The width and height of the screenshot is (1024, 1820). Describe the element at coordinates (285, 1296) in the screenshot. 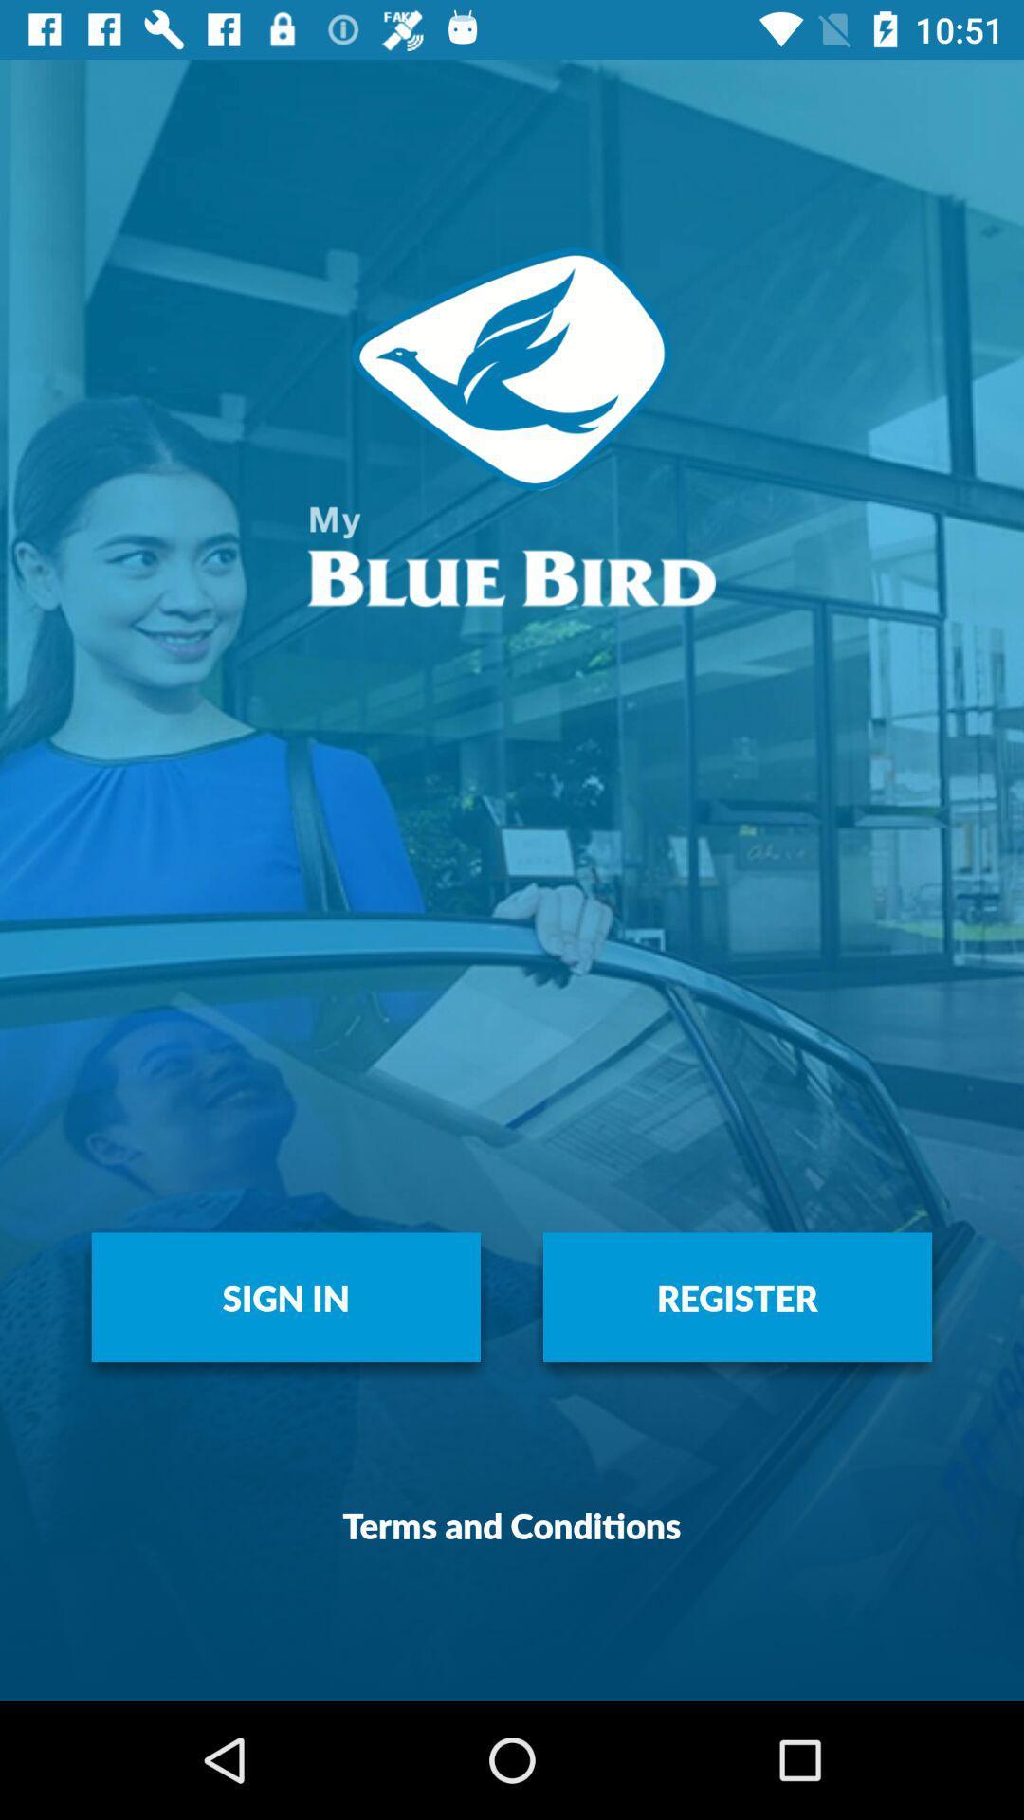

I see `icon next to register item` at that location.